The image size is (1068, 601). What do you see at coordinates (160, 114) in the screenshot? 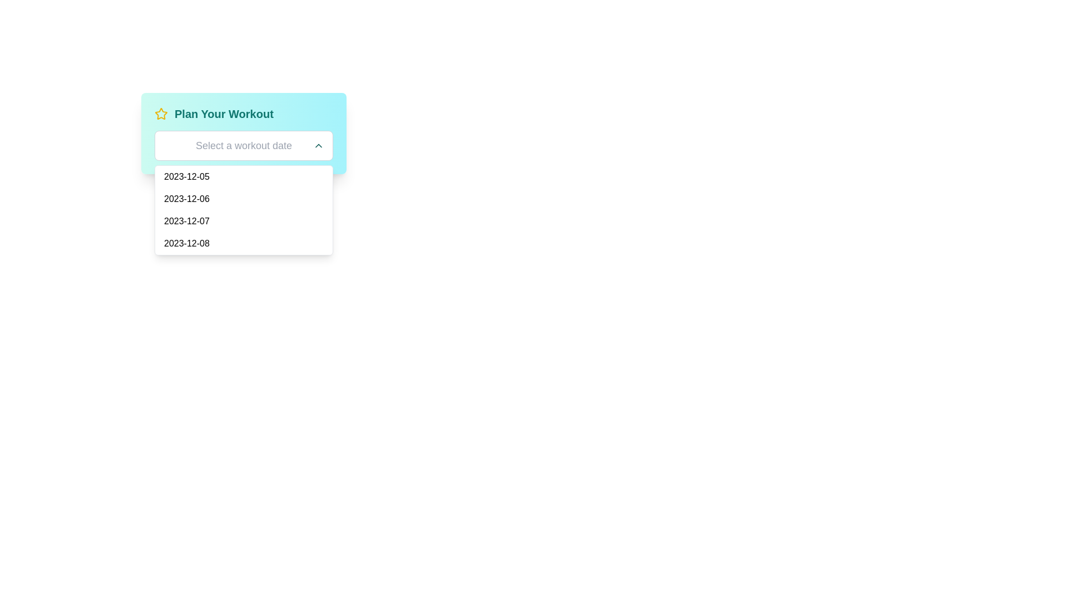
I see `the star icon, which is a yellow stroke-based outline style icon located to the left of the text 'Plan Your Workout'` at bounding box center [160, 114].